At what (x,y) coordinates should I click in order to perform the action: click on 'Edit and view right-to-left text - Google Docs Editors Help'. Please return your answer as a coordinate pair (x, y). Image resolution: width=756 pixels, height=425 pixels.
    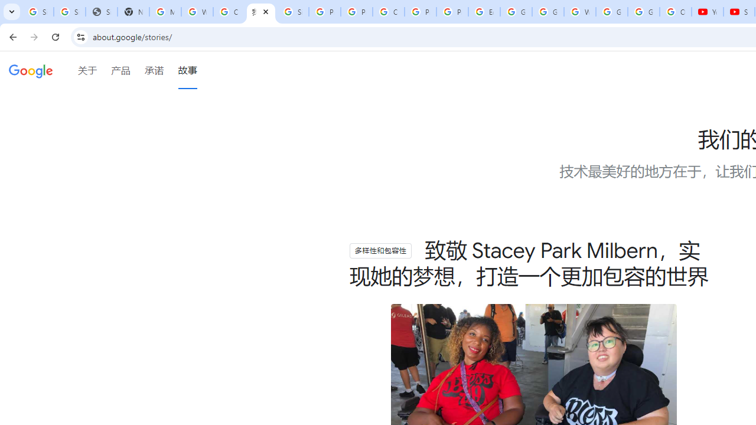
    Looking at the image, I should click on (484, 12).